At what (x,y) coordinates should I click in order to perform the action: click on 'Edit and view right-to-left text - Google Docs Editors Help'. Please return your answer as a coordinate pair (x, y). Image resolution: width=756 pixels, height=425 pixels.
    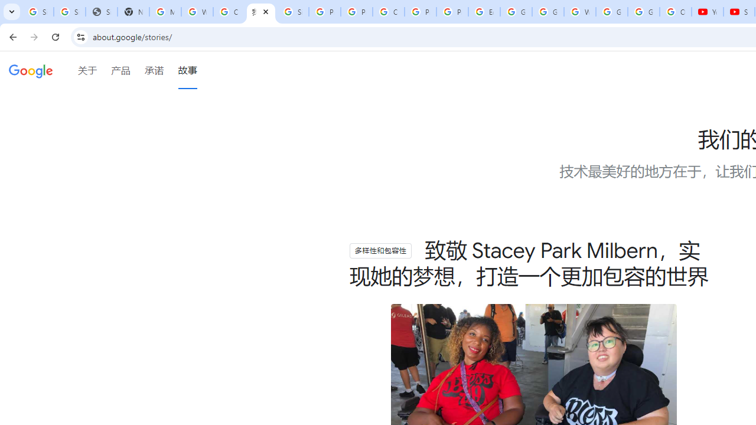
    Looking at the image, I should click on (484, 12).